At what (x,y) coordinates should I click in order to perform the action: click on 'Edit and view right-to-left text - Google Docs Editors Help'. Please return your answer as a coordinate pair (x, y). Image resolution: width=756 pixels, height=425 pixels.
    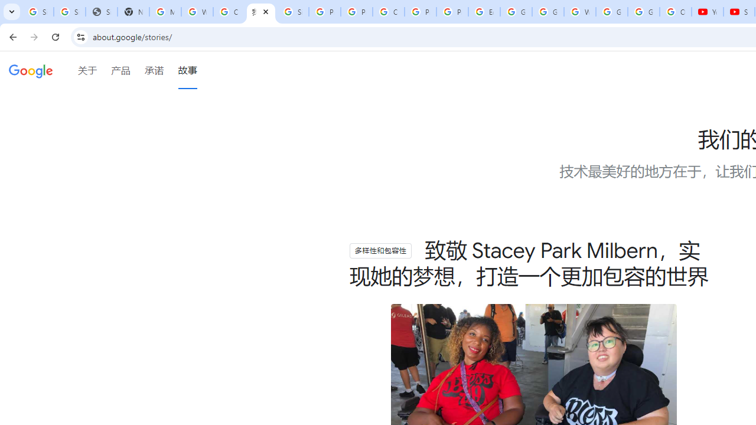
    Looking at the image, I should click on (484, 12).